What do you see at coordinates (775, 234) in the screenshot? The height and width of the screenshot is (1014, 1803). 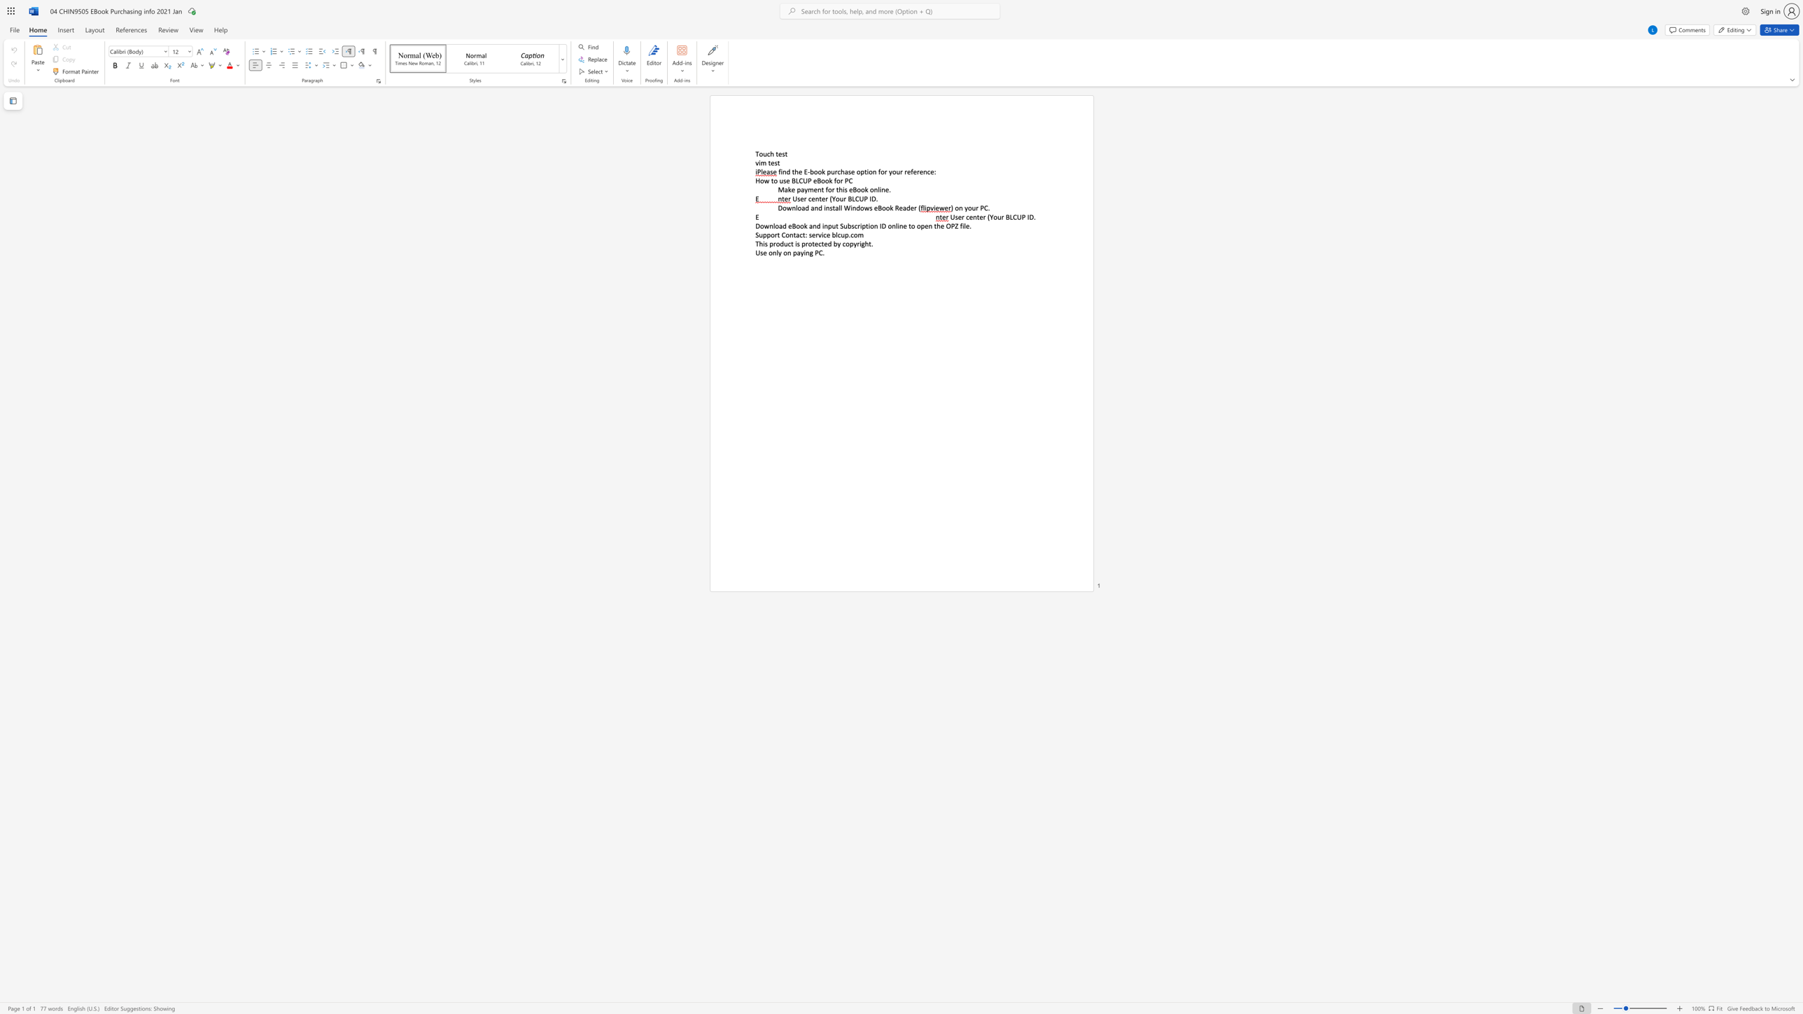 I see `the subset text "rt Cont" within the text "Support Contact: service blcup.com"` at bounding box center [775, 234].